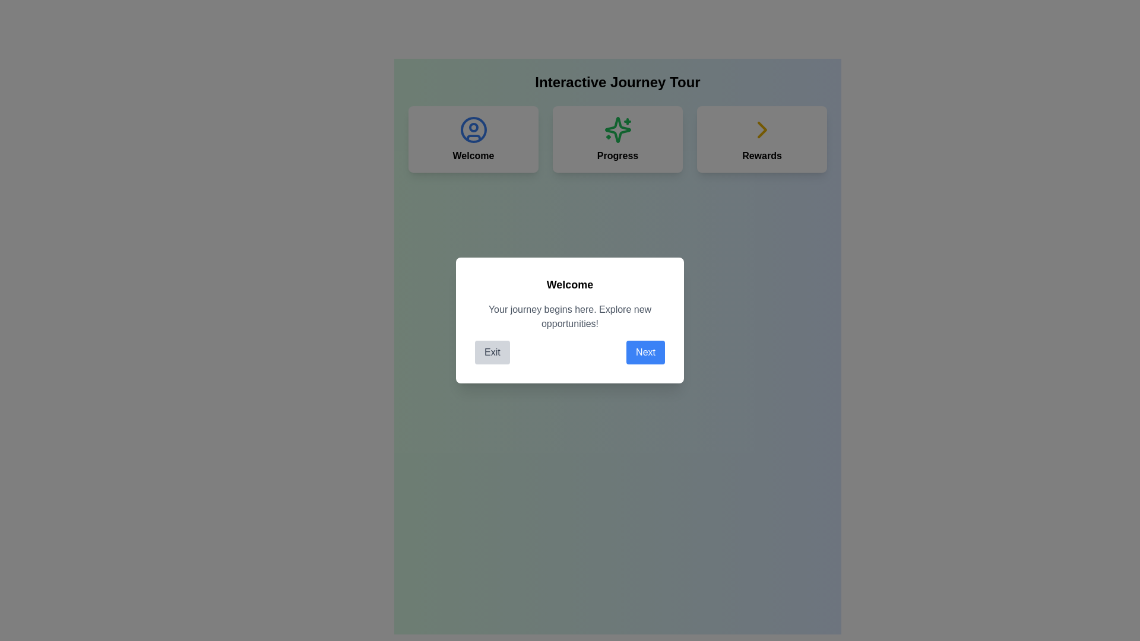 This screenshot has height=641, width=1140. What do you see at coordinates (762, 130) in the screenshot?
I see `the vector graphic icon representing navigation in the 'Rewards' section, located in the center right of the third card in a horizontal list of three cards` at bounding box center [762, 130].